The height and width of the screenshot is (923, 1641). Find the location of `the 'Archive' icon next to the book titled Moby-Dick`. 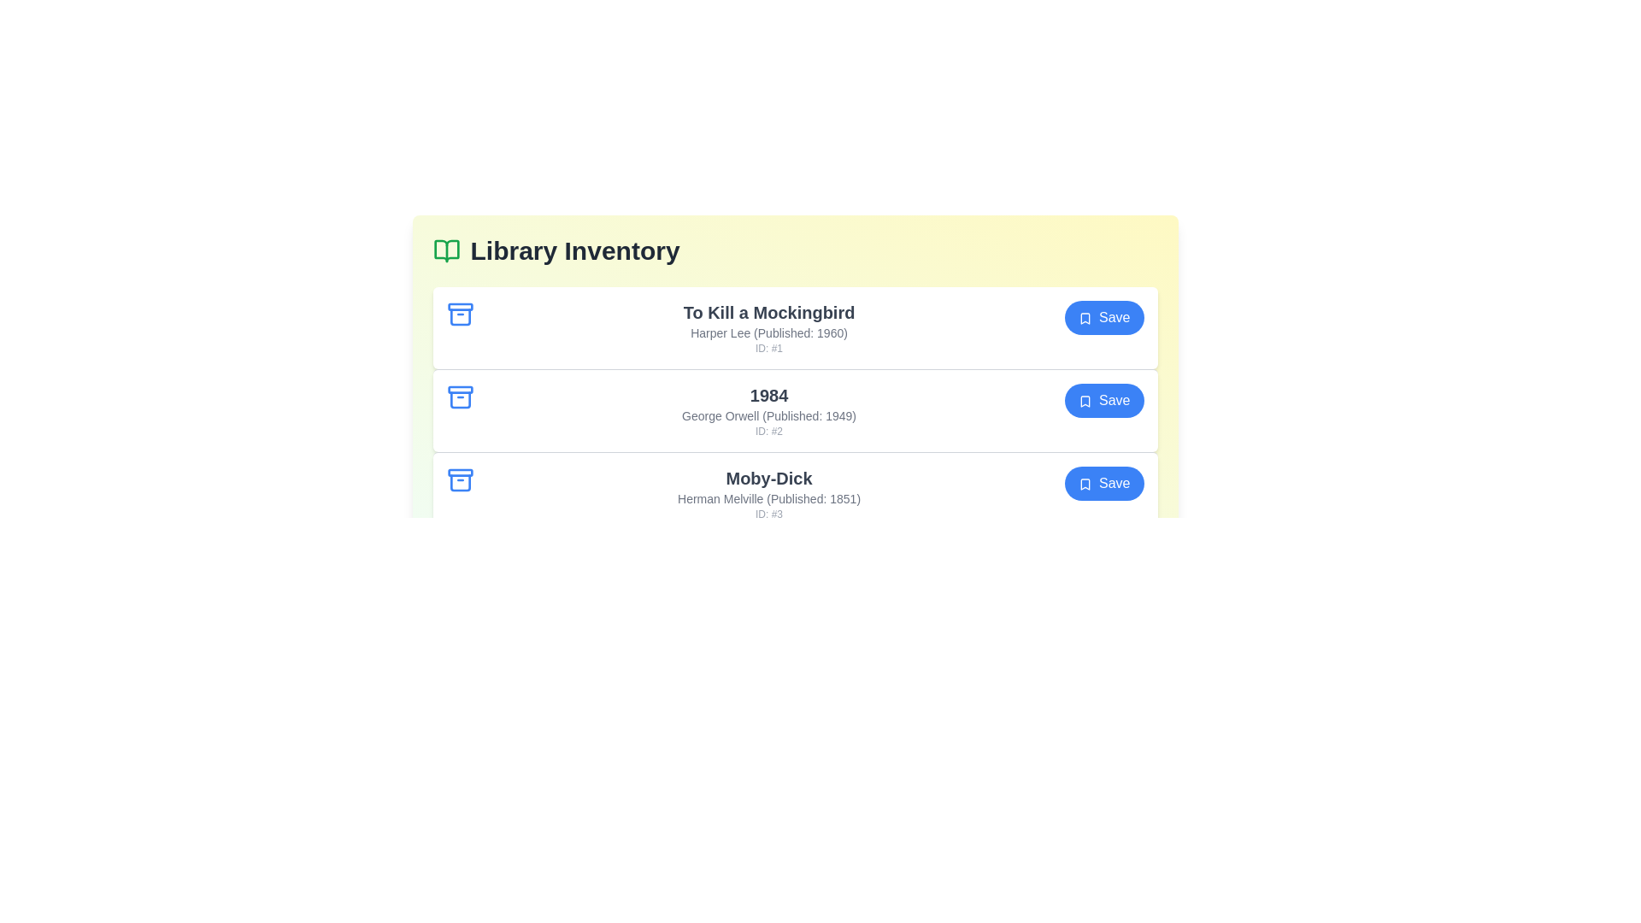

the 'Archive' icon next to the book titled Moby-Dick is located at coordinates (460, 480).